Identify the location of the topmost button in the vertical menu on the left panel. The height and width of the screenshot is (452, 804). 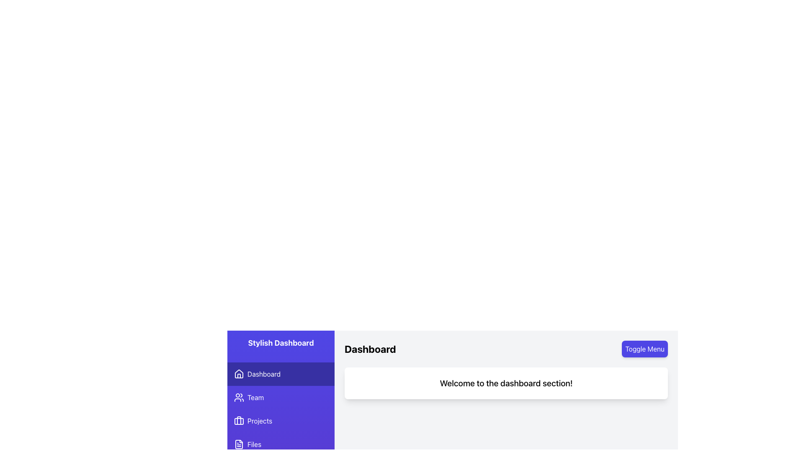
(281, 374).